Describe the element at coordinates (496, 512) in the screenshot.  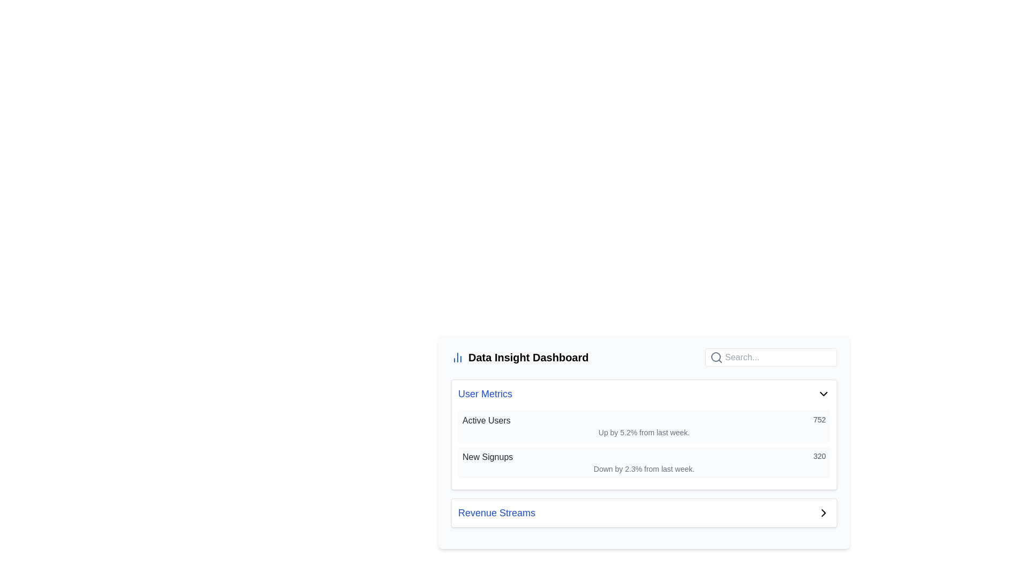
I see `the 'Revenue Streams' text label which is styled in blue and located at the bottom-center of the interface` at that location.